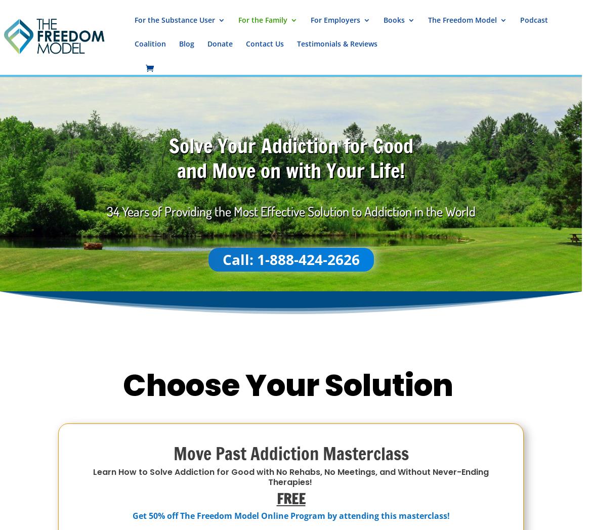 This screenshot has width=590, height=530. I want to click on 'For the Family', so click(263, 19).